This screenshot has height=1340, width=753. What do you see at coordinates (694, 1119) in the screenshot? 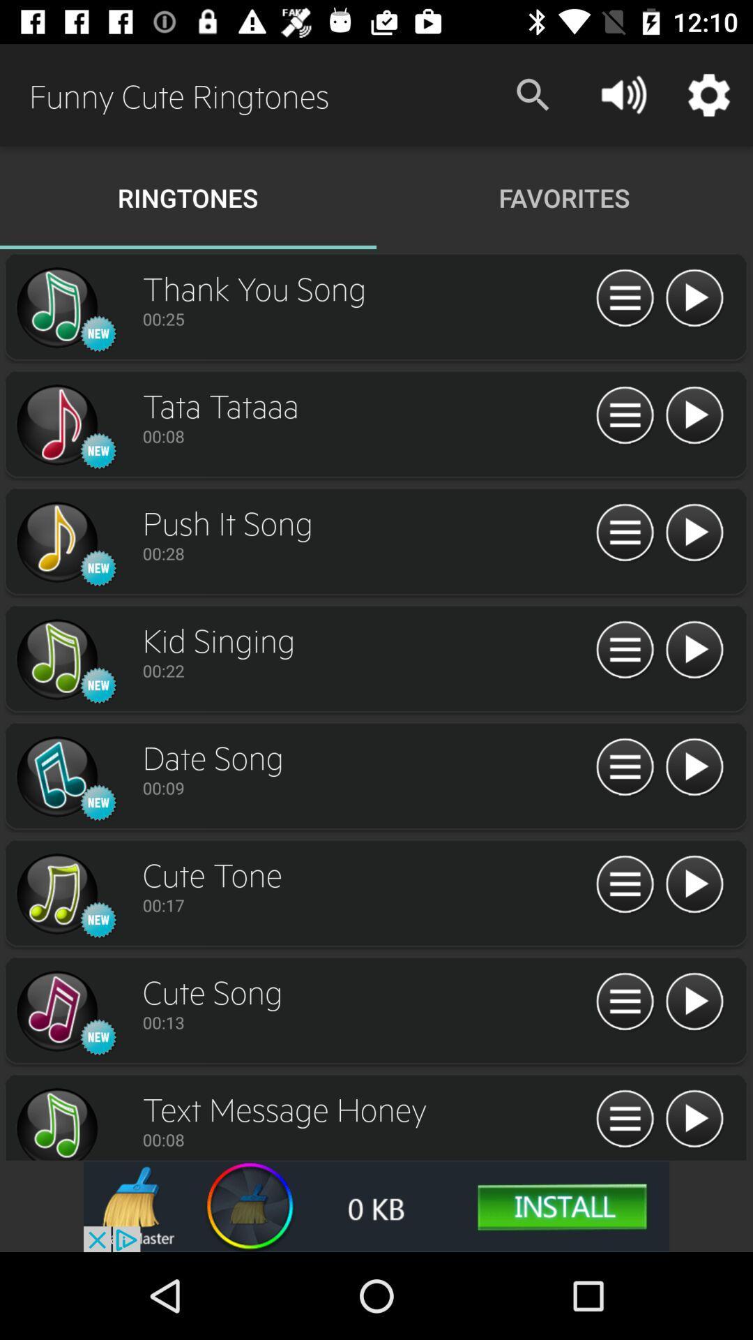
I see `button` at bounding box center [694, 1119].